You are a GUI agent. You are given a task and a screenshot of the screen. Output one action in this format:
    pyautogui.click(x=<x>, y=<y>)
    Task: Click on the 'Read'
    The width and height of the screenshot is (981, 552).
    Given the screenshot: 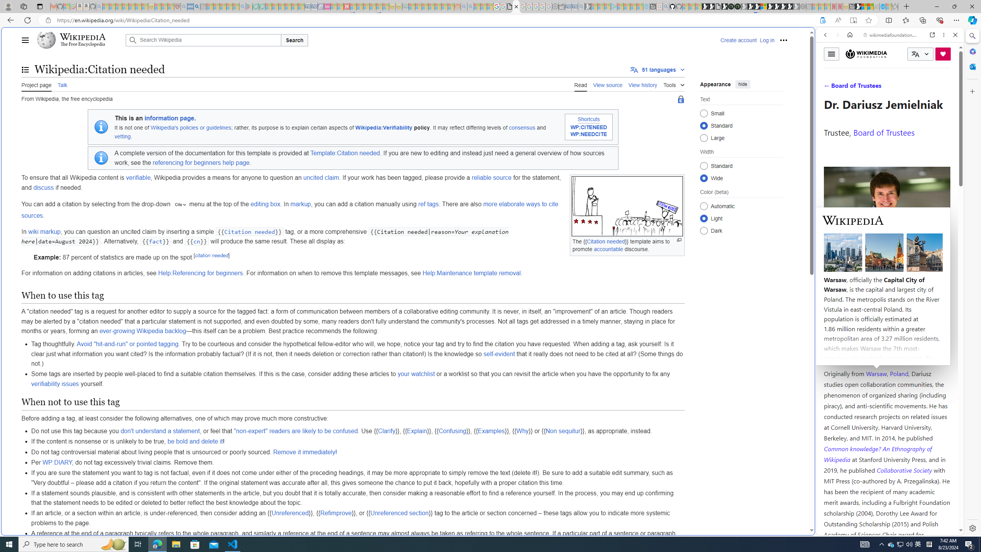 What is the action you would take?
    pyautogui.click(x=581, y=84)
    